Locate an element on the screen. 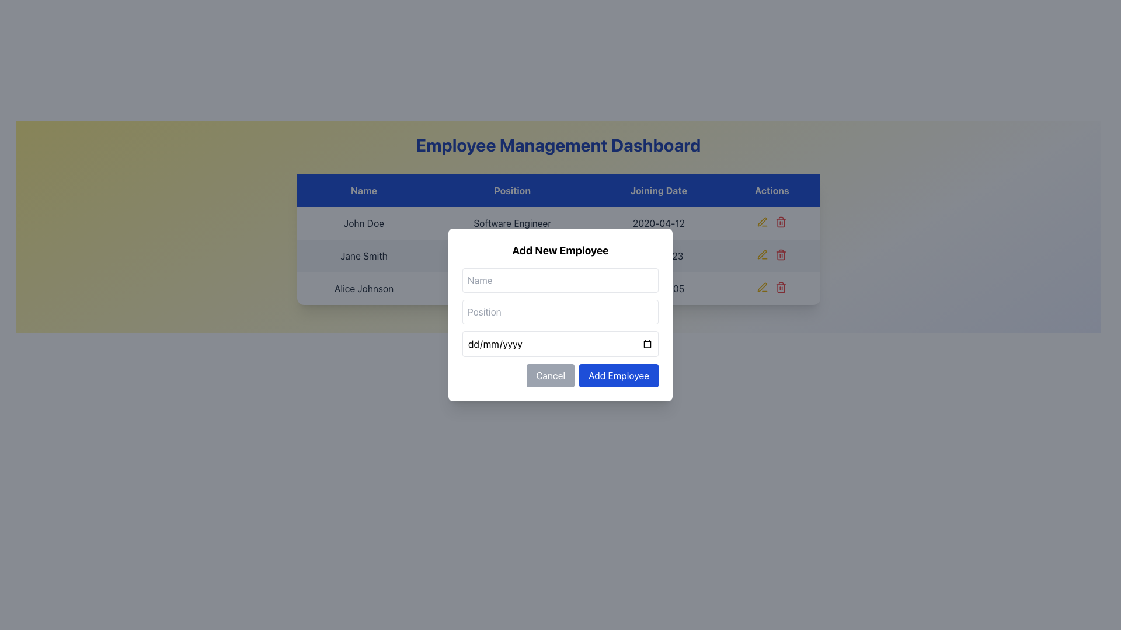  the edit icon button located in the 'Actions' column of the second row for user 'Jane Smith' is located at coordinates (763, 254).